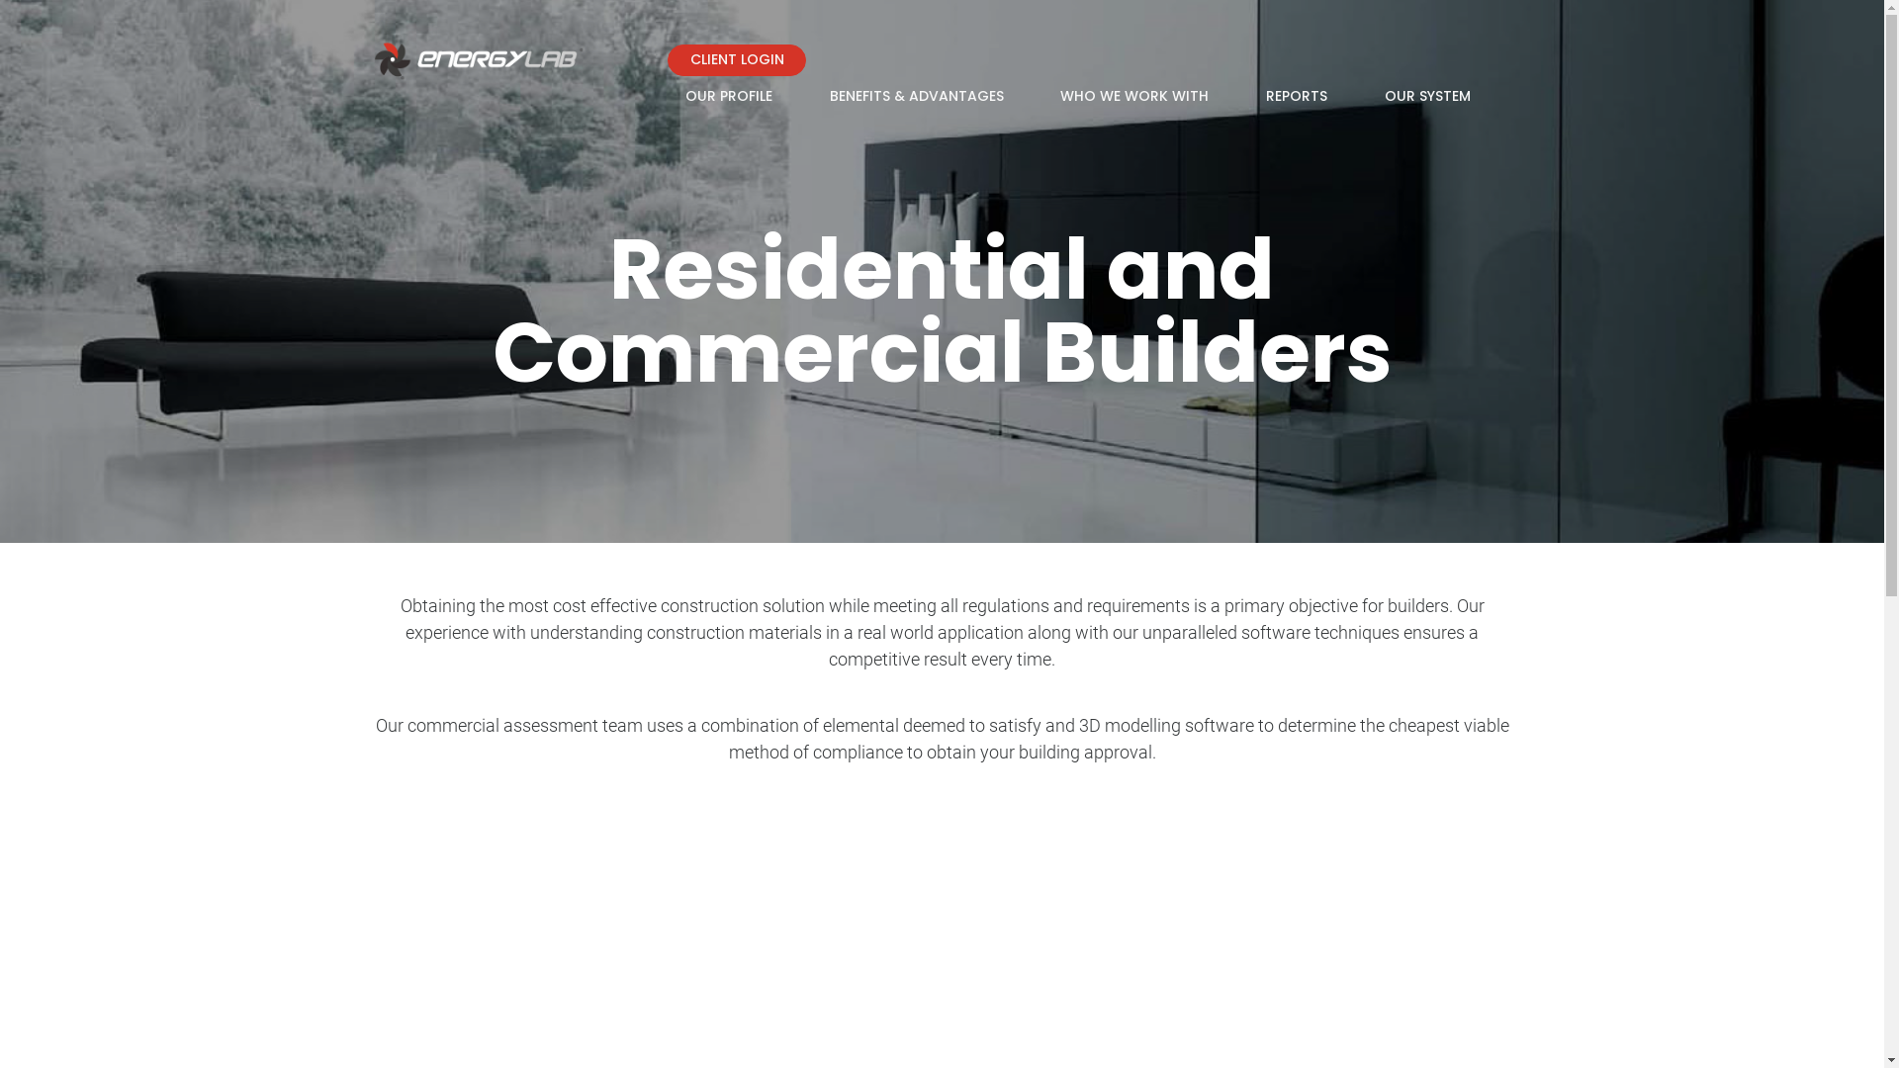 The image size is (1899, 1068). I want to click on 'CLIENT LOGIN', so click(735, 59).